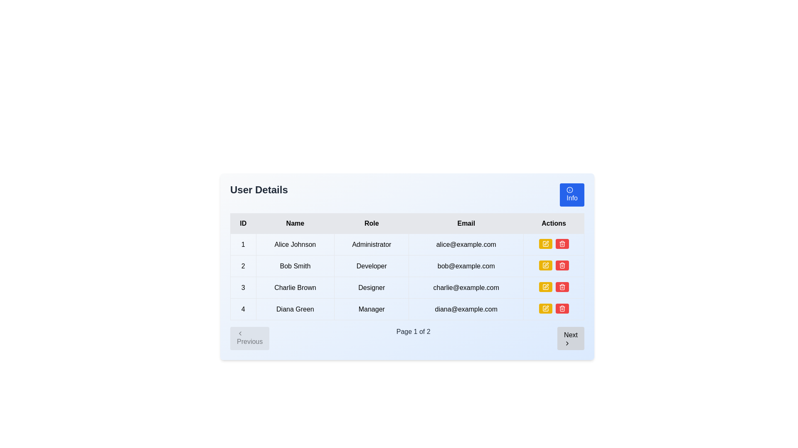 This screenshot has width=798, height=448. What do you see at coordinates (243, 309) in the screenshot?
I see `the text box in the fourth row under the 'ID' column, located to the left of the name 'Diana Green'` at bounding box center [243, 309].